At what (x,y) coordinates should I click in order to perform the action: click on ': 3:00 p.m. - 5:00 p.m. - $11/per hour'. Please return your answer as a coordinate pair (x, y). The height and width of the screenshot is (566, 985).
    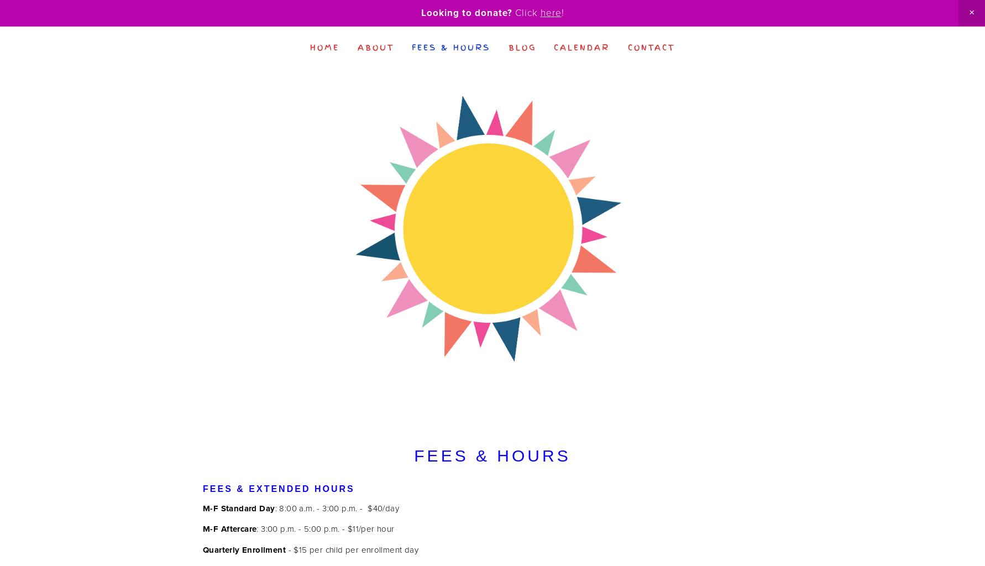
    Looking at the image, I should click on (325, 529).